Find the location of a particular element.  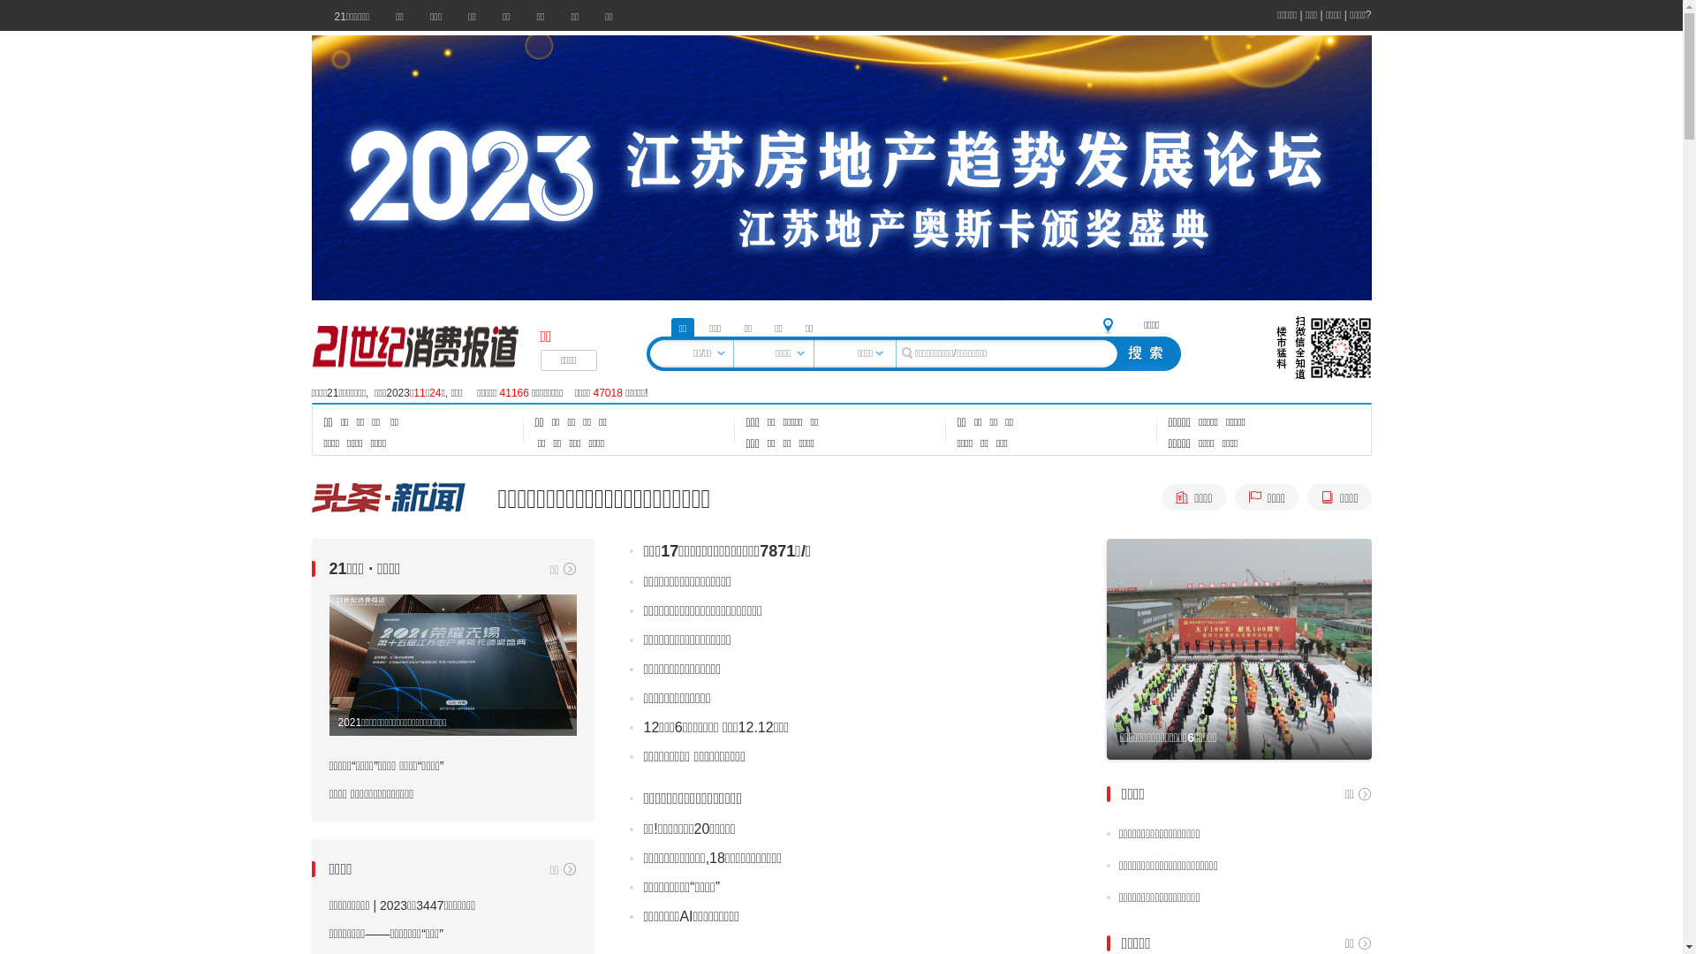

'5' is located at coordinates (1263, 709).